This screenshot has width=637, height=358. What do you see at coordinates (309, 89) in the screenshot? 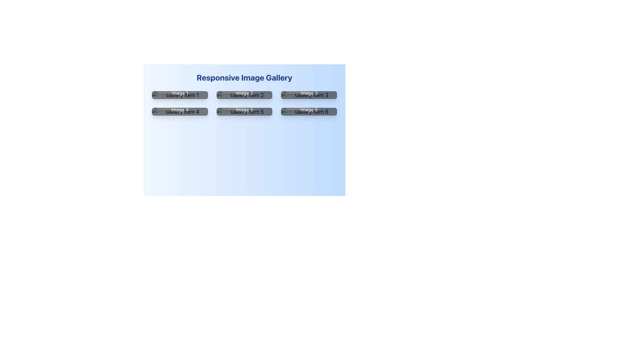
I see `the descriptive text label with background overlay located at the bottom of the third gallery item in the top row of the image gallery` at bounding box center [309, 89].